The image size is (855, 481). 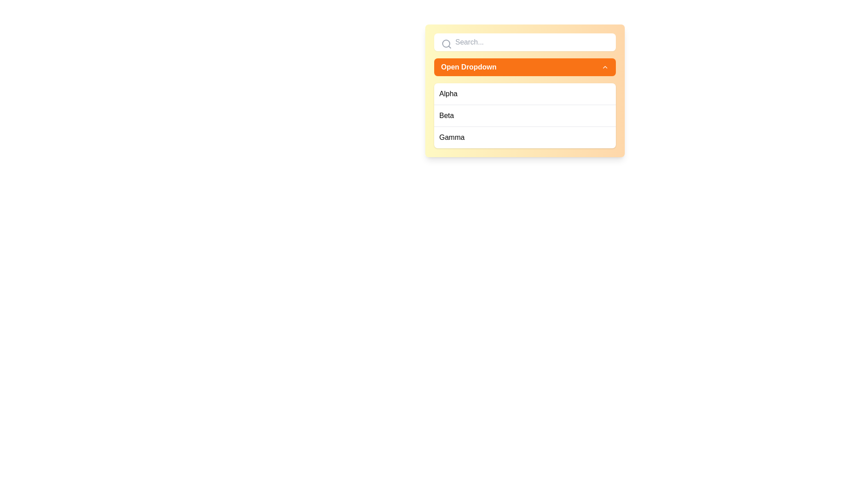 What do you see at coordinates (447, 115) in the screenshot?
I see `the text label 'Beta' in the dropdown menu` at bounding box center [447, 115].